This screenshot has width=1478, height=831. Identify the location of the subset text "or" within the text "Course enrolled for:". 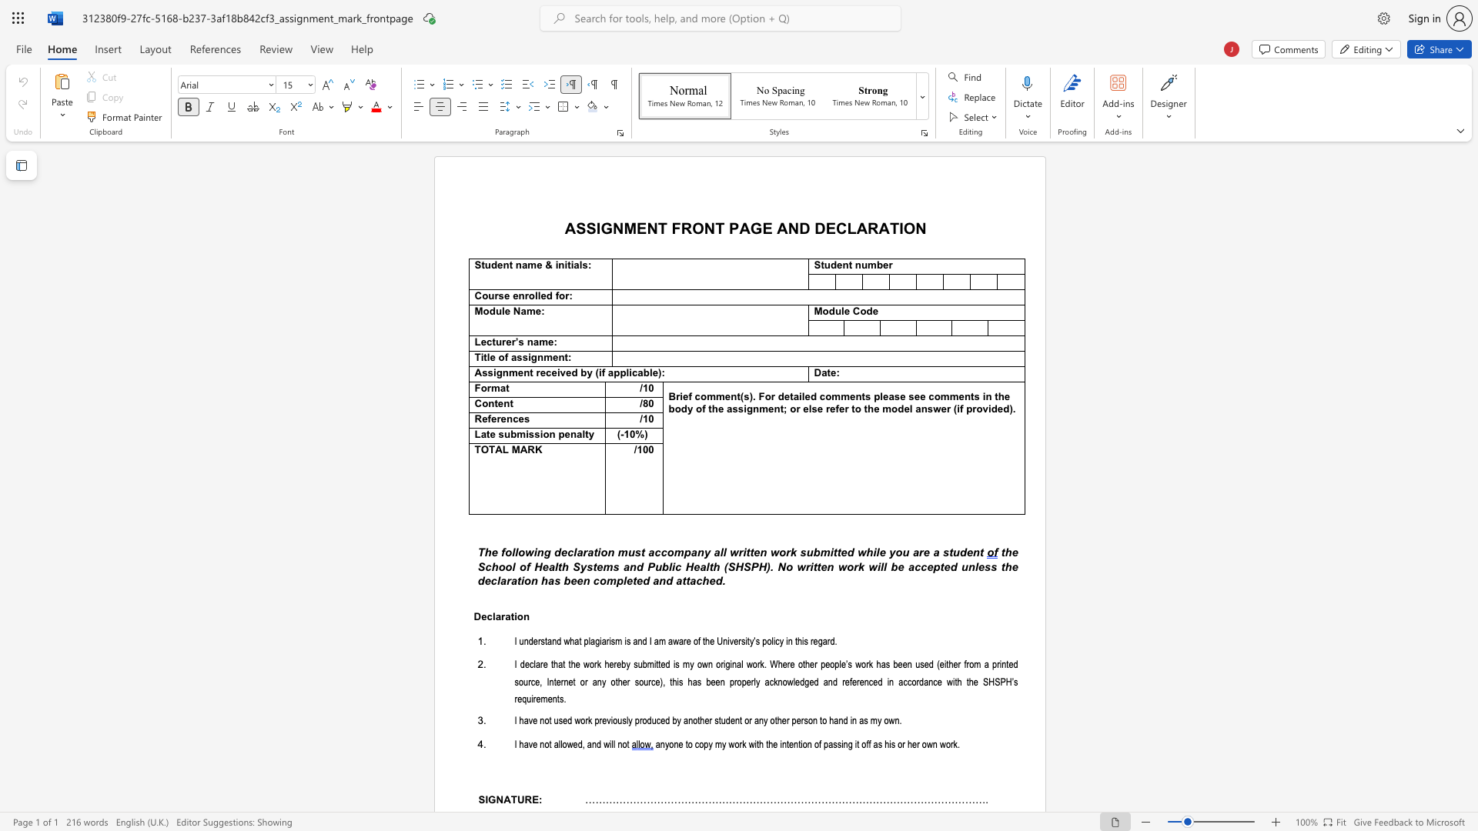
(558, 296).